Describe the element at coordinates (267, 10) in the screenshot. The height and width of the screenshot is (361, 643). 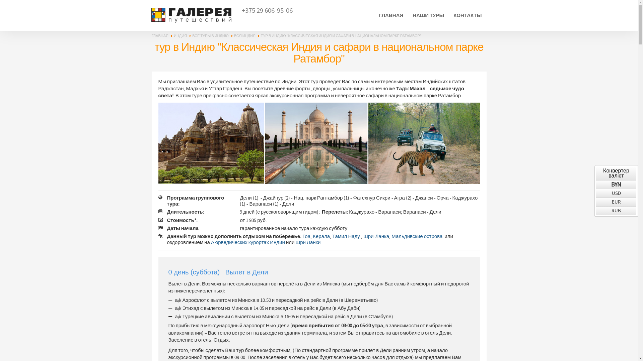
I see `'+375 29 606-95-06'` at that location.